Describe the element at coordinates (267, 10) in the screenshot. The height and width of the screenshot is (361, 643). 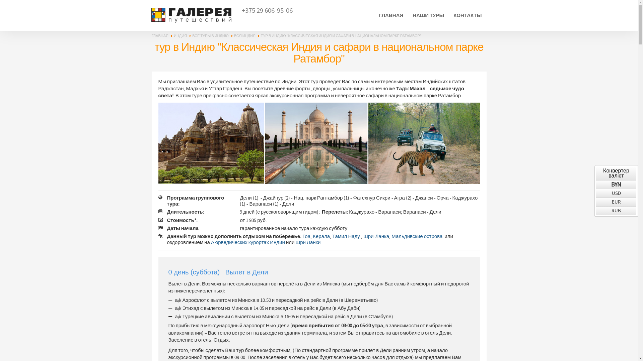
I see `'+375 29 606-95-06'` at that location.